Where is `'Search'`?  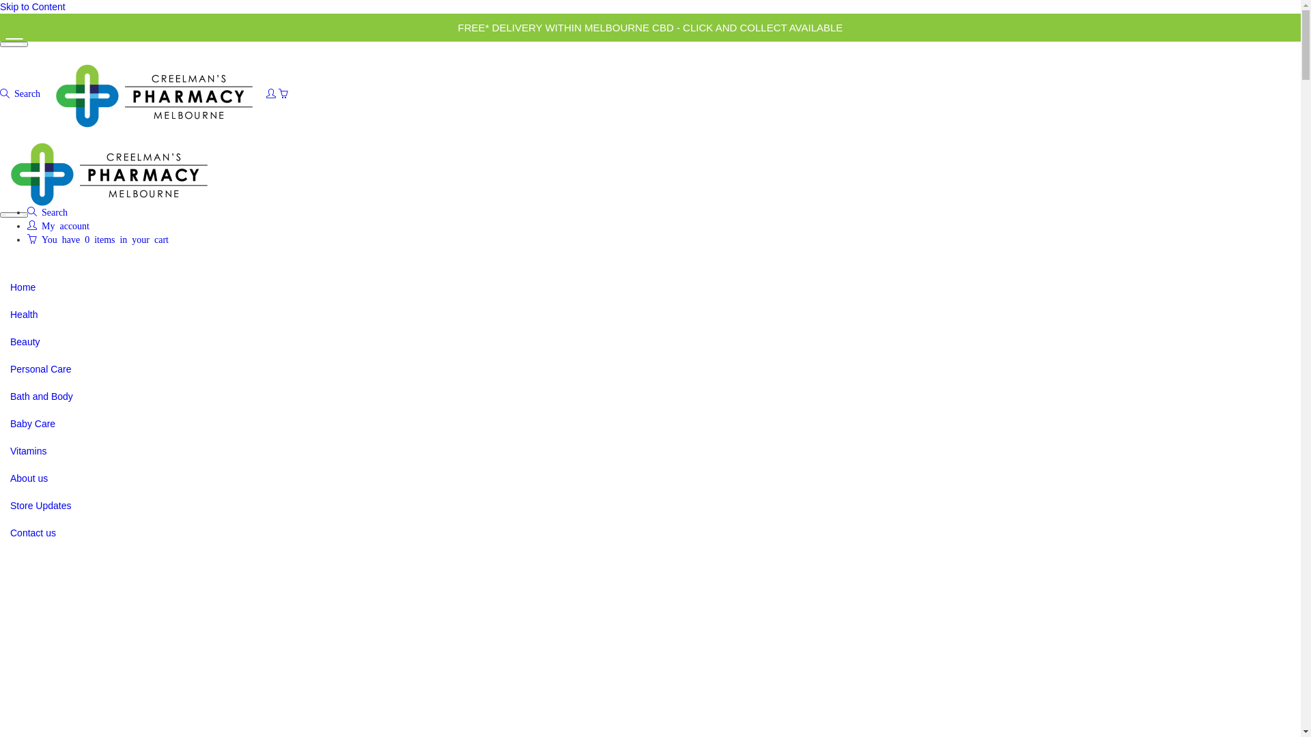
'Search' is located at coordinates (23, 93).